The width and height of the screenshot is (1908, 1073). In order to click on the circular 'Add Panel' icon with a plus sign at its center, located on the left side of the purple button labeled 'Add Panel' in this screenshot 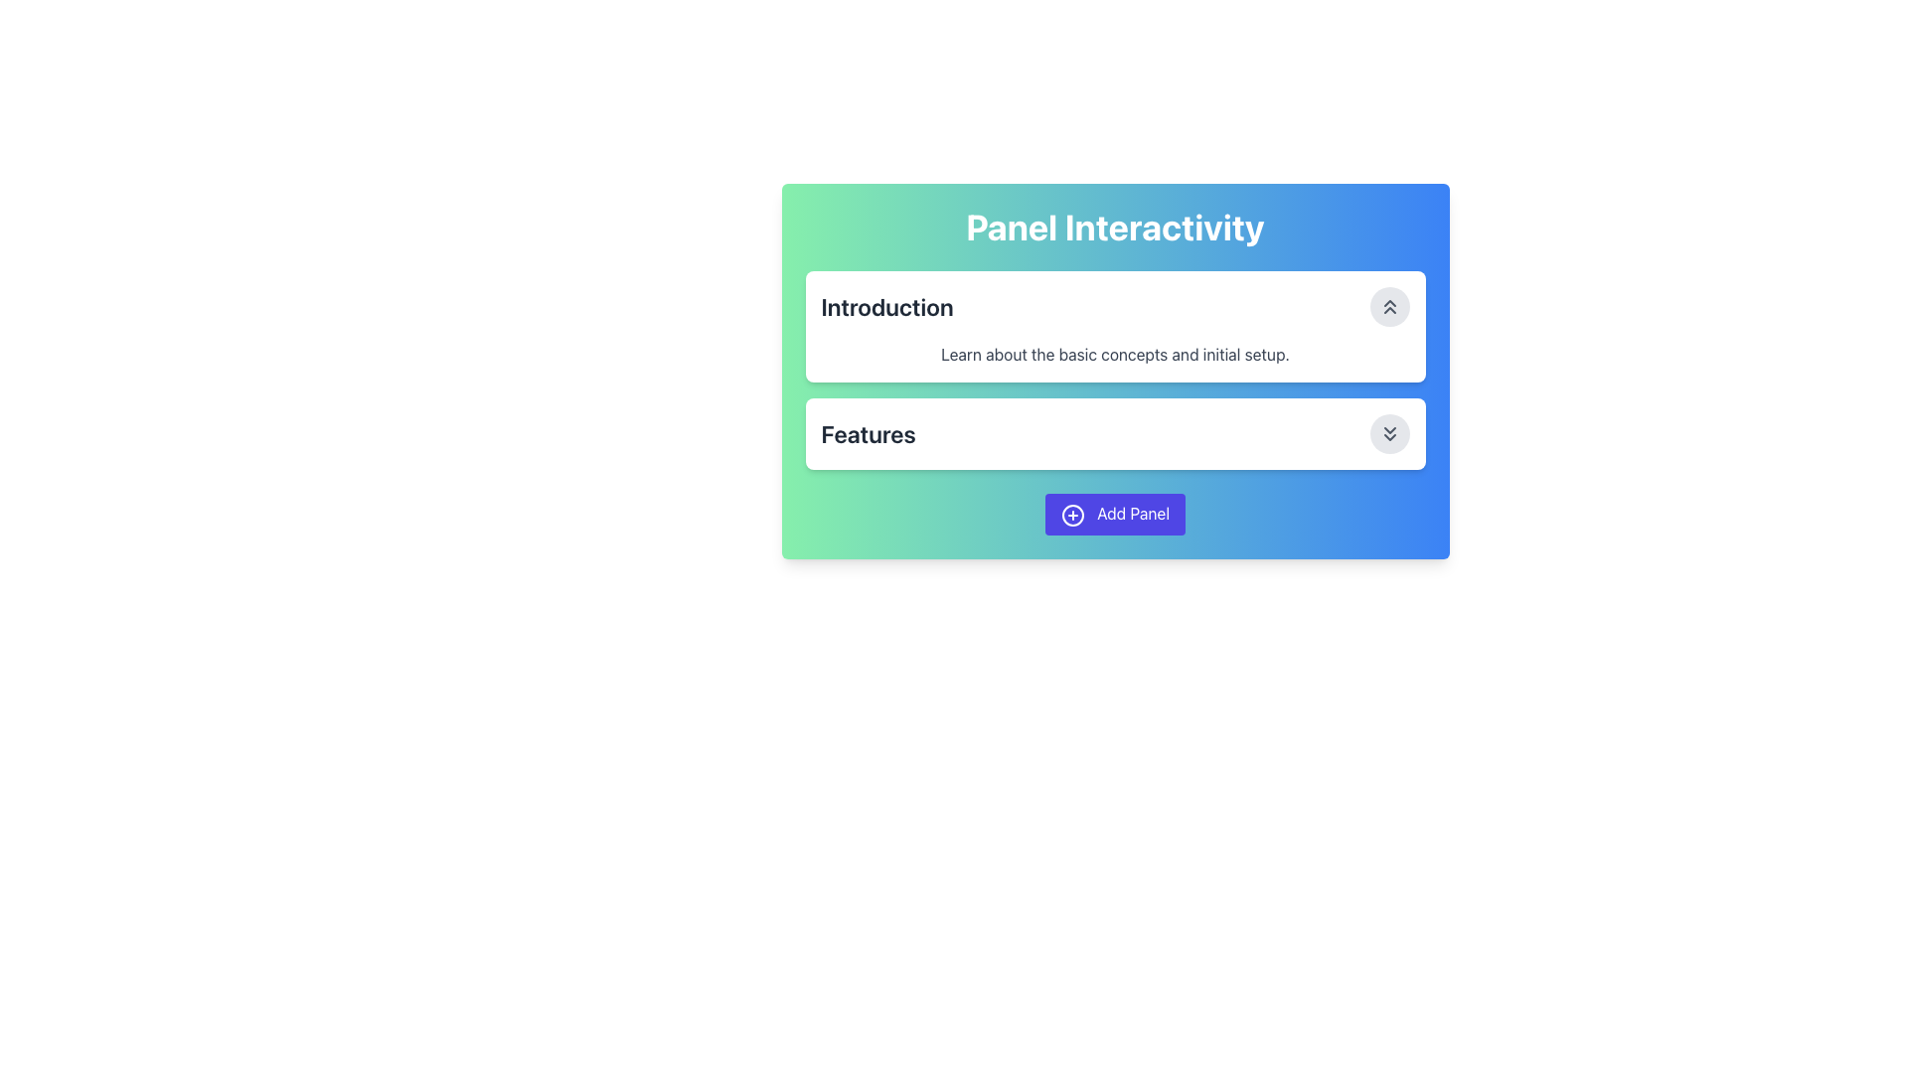, I will do `click(1072, 514)`.